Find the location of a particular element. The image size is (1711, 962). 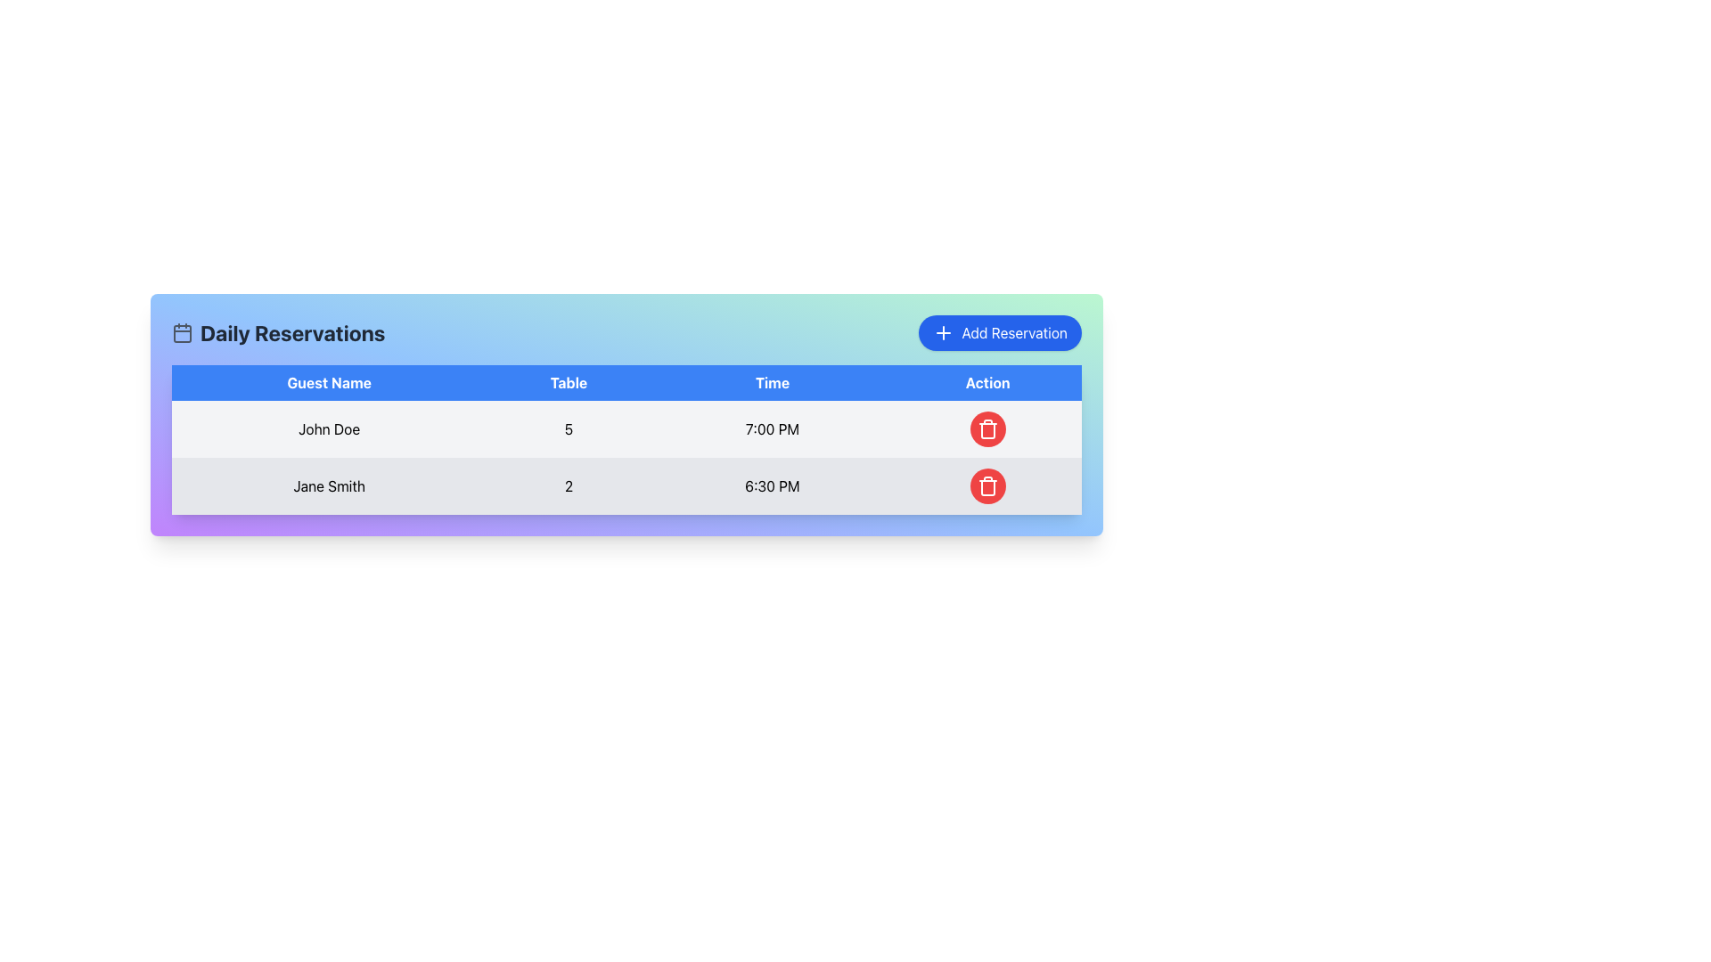

the 'Add Reservation' button located at the top-right corner of the 'Daily Reservations' interface, which has a bold blue background and white text is located at coordinates (1000, 333).